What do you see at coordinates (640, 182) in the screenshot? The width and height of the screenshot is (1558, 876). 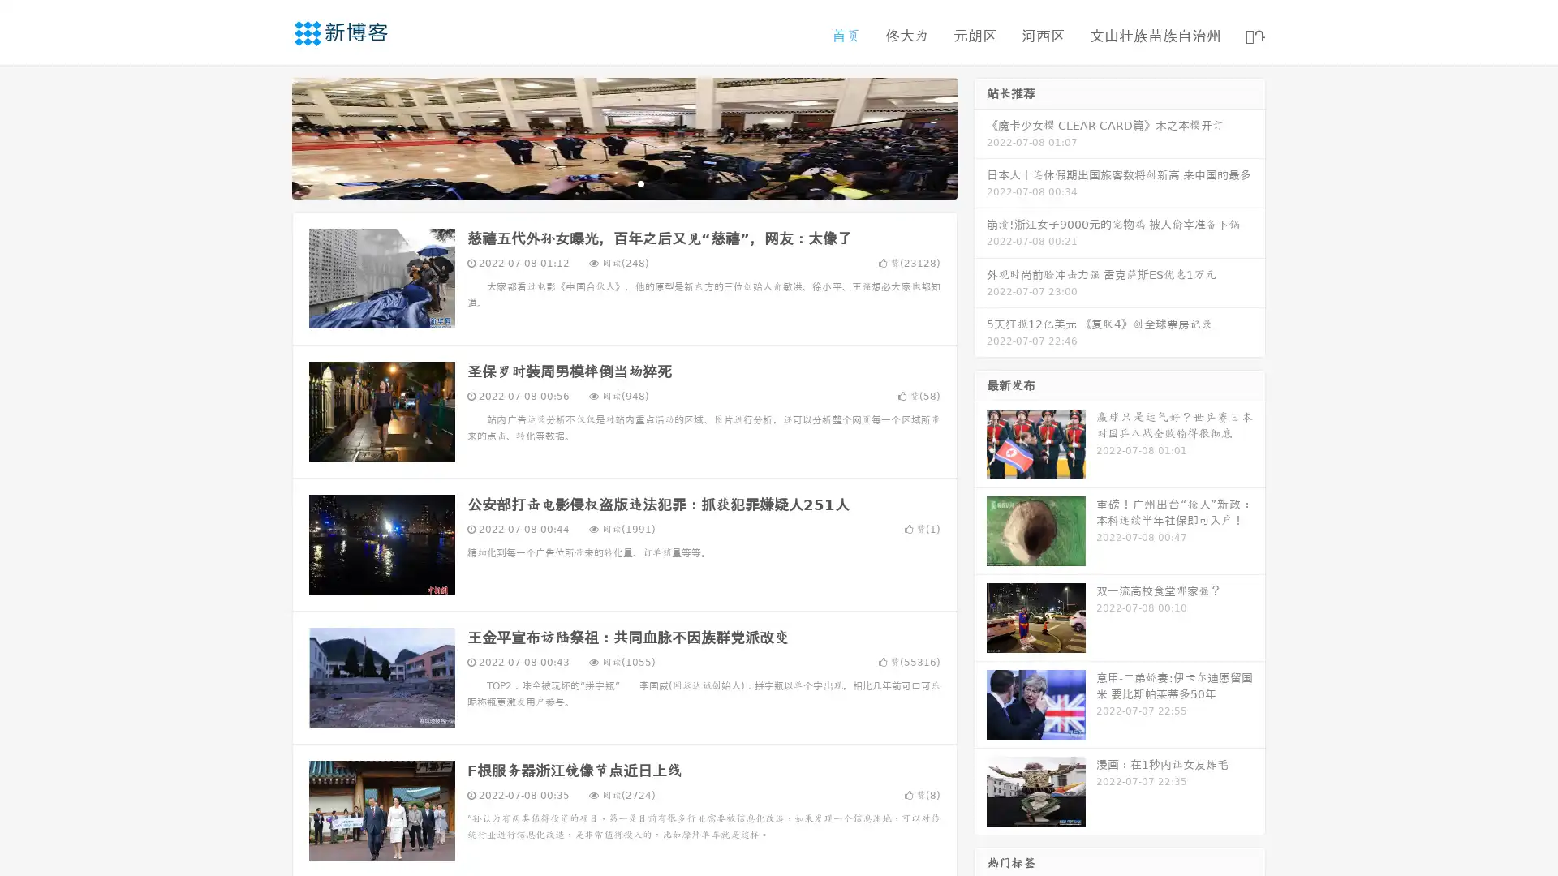 I see `Go to slide 3` at bounding box center [640, 182].